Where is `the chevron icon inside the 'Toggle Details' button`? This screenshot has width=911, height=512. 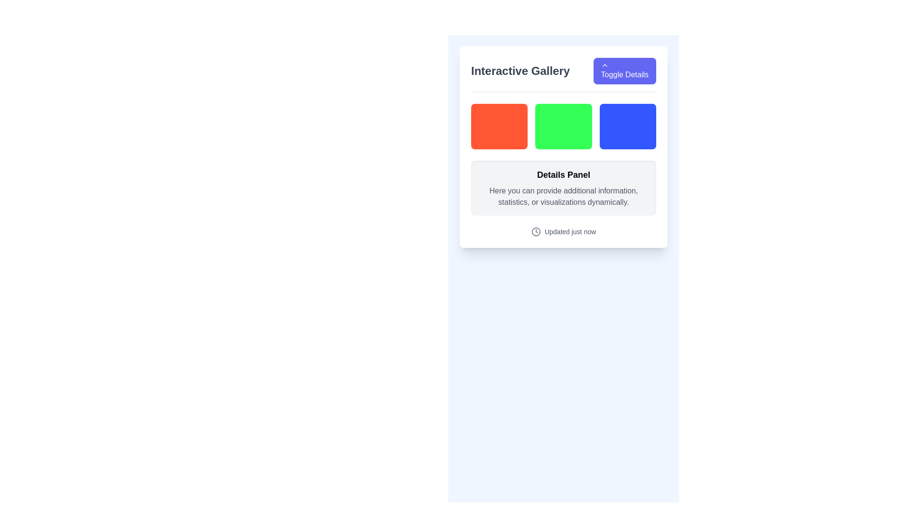
the chevron icon inside the 'Toggle Details' button is located at coordinates (604, 65).